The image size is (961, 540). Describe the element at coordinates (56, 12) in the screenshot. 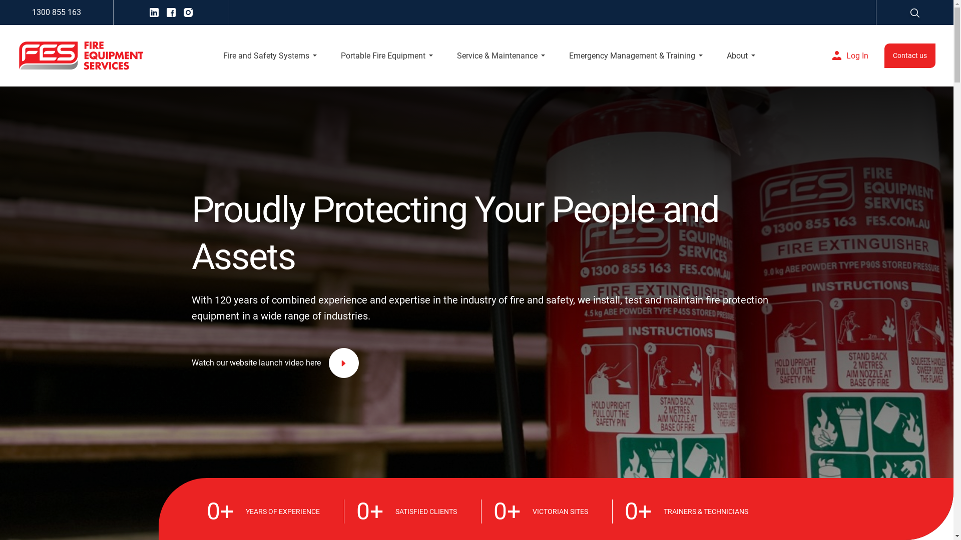

I see `'1300 855 163'` at that location.